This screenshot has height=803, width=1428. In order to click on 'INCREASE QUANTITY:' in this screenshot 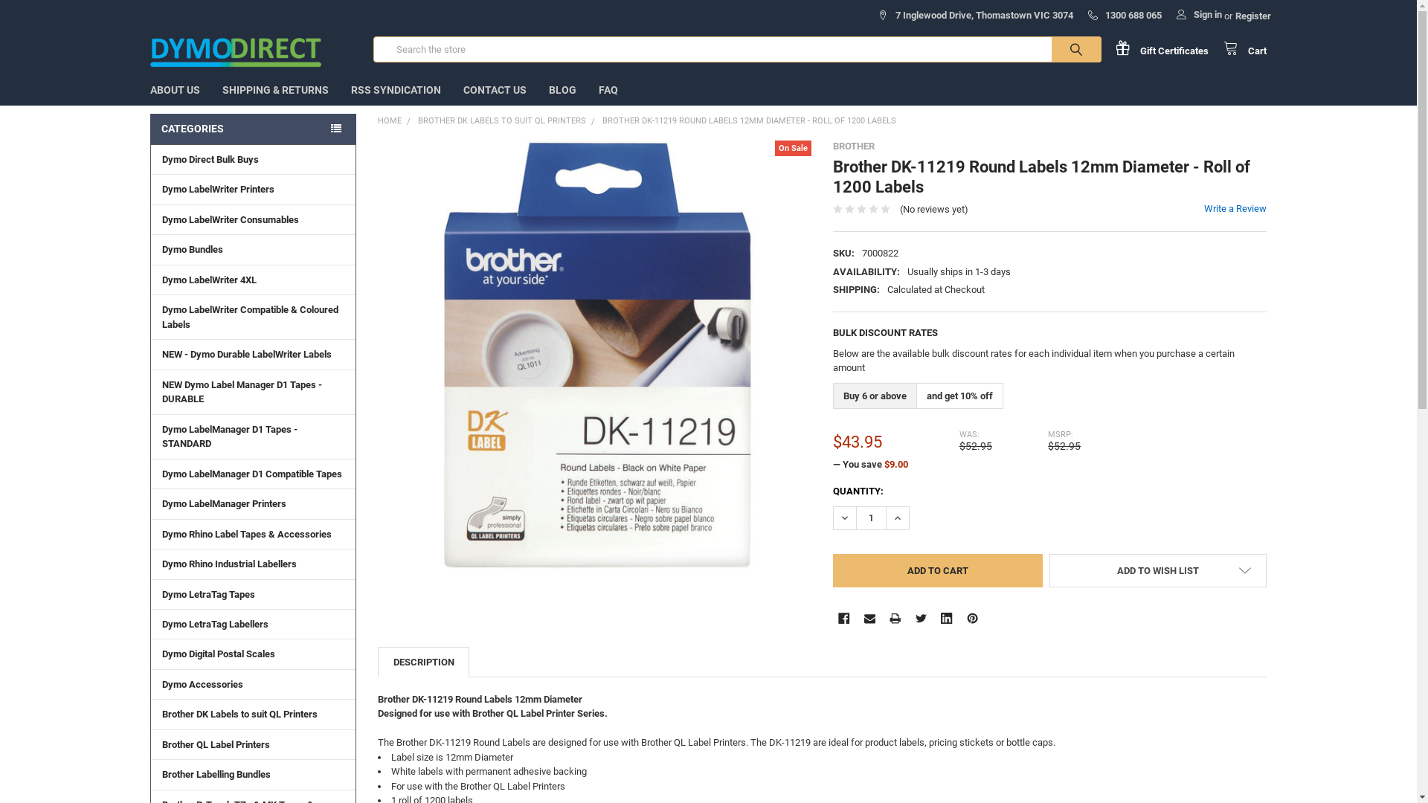, I will do `click(885, 517)`.